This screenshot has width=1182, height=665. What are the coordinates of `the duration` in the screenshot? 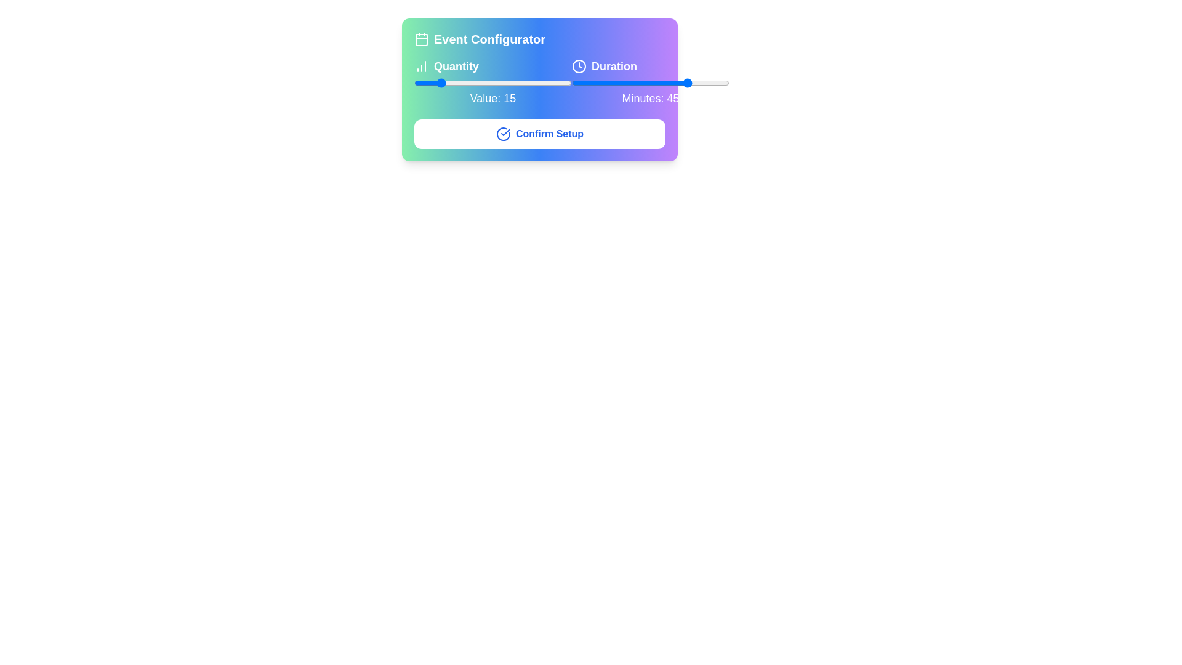 It's located at (663, 83).